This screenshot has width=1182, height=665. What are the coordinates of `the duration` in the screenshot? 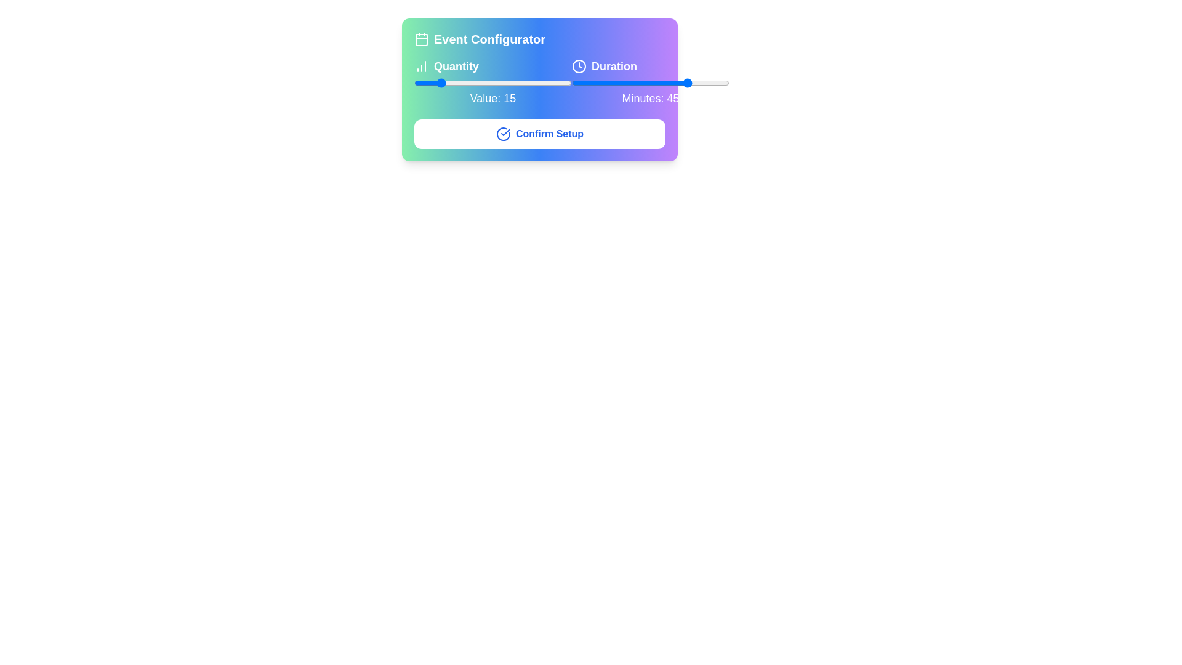 It's located at (663, 83).